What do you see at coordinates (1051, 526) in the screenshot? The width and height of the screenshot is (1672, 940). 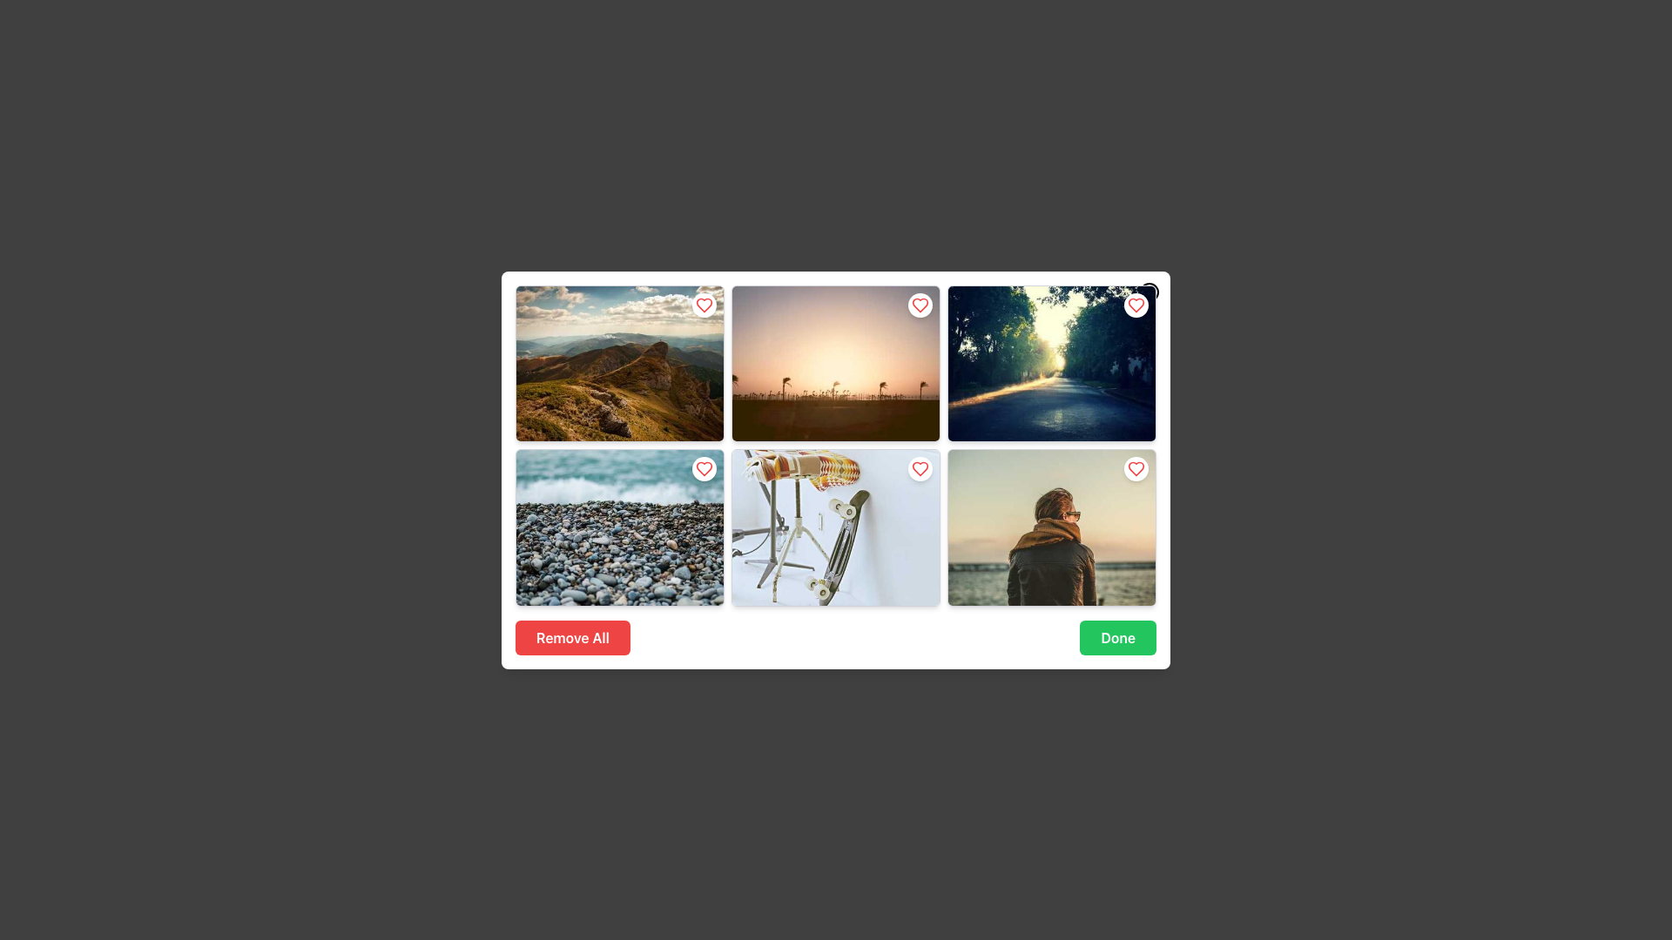 I see `the composite UI card in the bottom-right corner of the grid` at bounding box center [1051, 526].